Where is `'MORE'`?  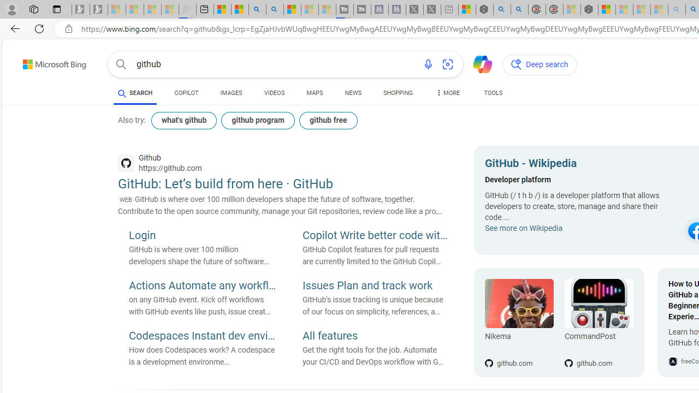
'MORE' is located at coordinates (447, 94).